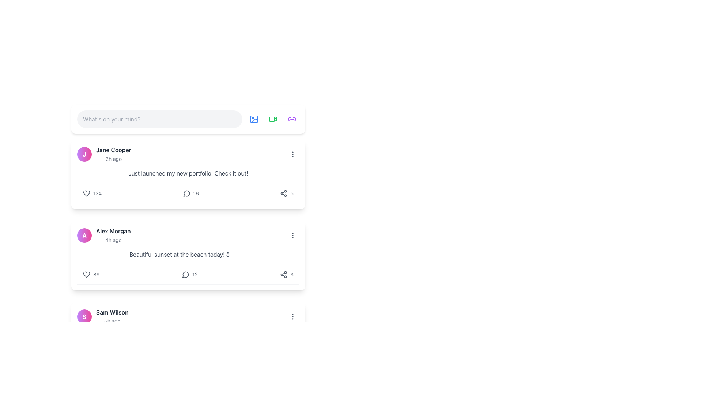  Describe the element at coordinates (273, 119) in the screenshot. I see `the third button to the right of the 'What's on your mind?' text input field` at that location.